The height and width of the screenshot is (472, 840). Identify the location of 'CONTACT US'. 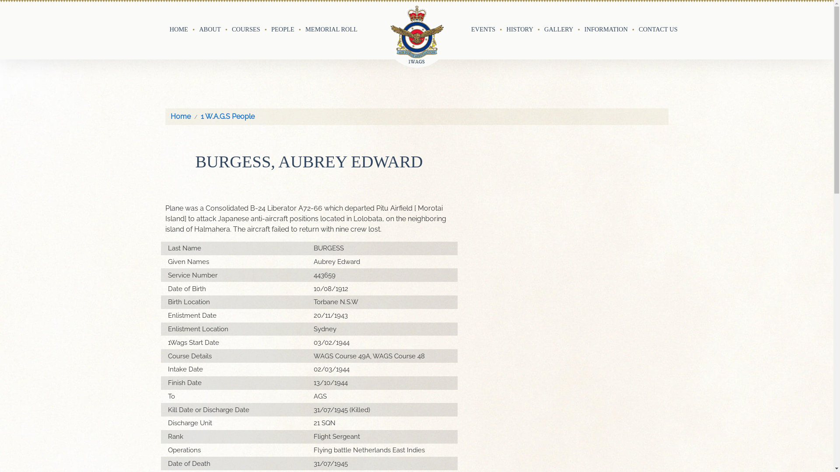
(658, 29).